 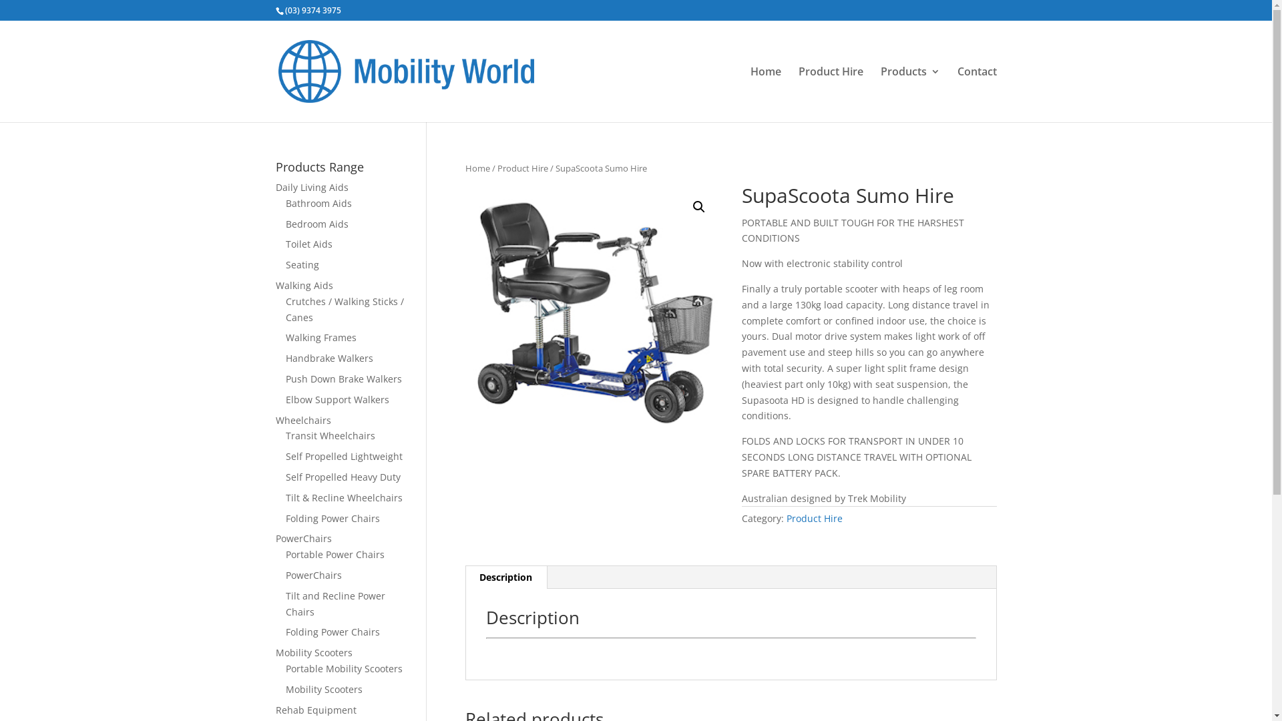 I want to click on 'Walking Frames', so click(x=320, y=336).